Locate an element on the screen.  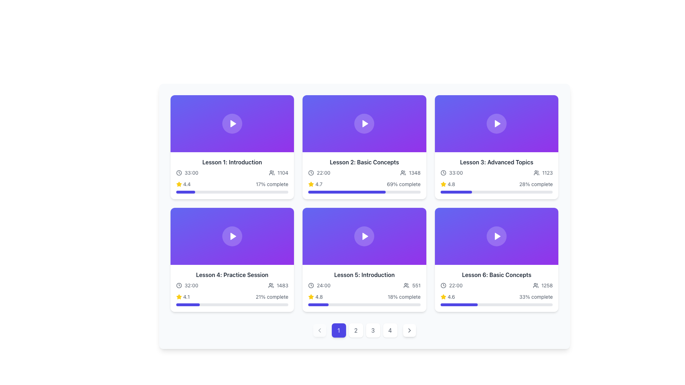
the text label indicating the completion percentage of the task within the sixth item of the grid layout is located at coordinates (536, 297).